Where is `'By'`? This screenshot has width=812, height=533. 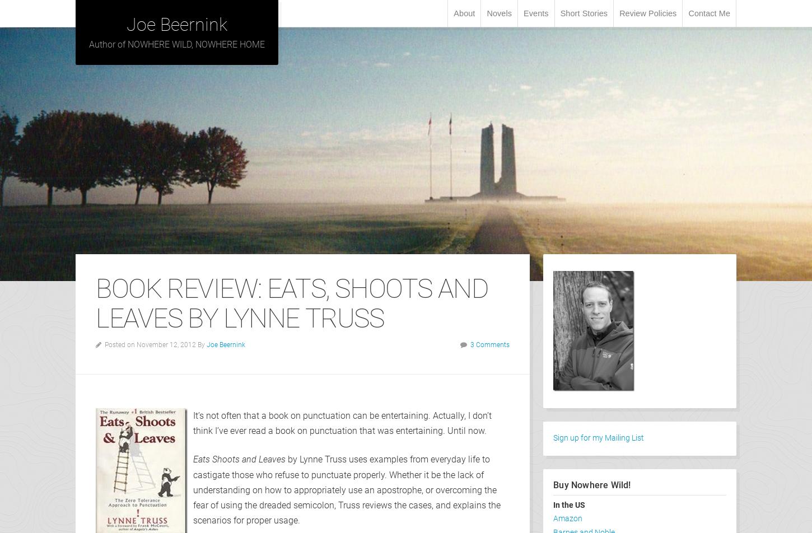 'By' is located at coordinates (197, 344).